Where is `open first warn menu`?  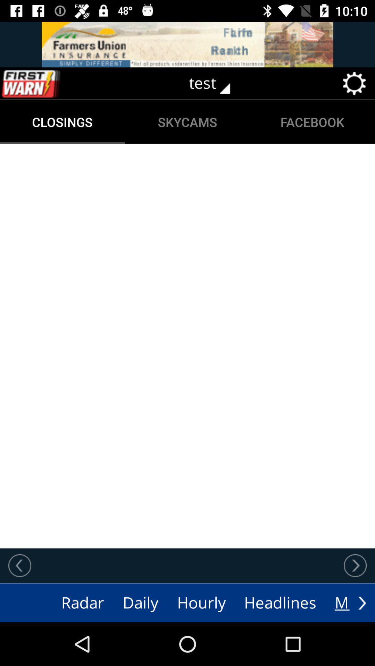
open first warn menu is located at coordinates (45, 83).